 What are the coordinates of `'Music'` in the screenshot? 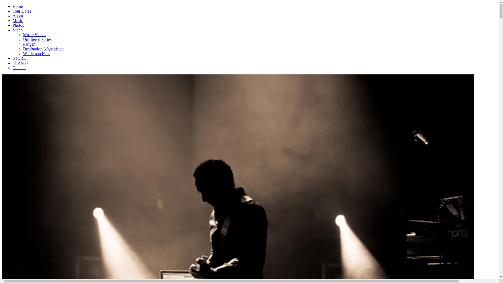 It's located at (18, 20).